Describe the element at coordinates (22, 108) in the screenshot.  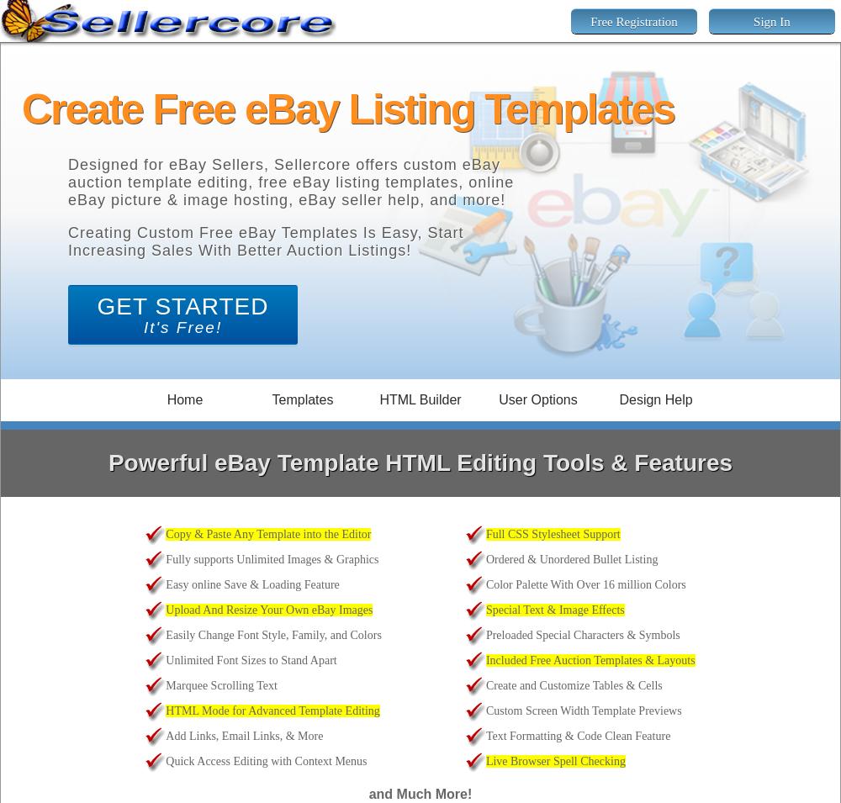
I see `'Create Free eBay Listing Templates'` at that location.